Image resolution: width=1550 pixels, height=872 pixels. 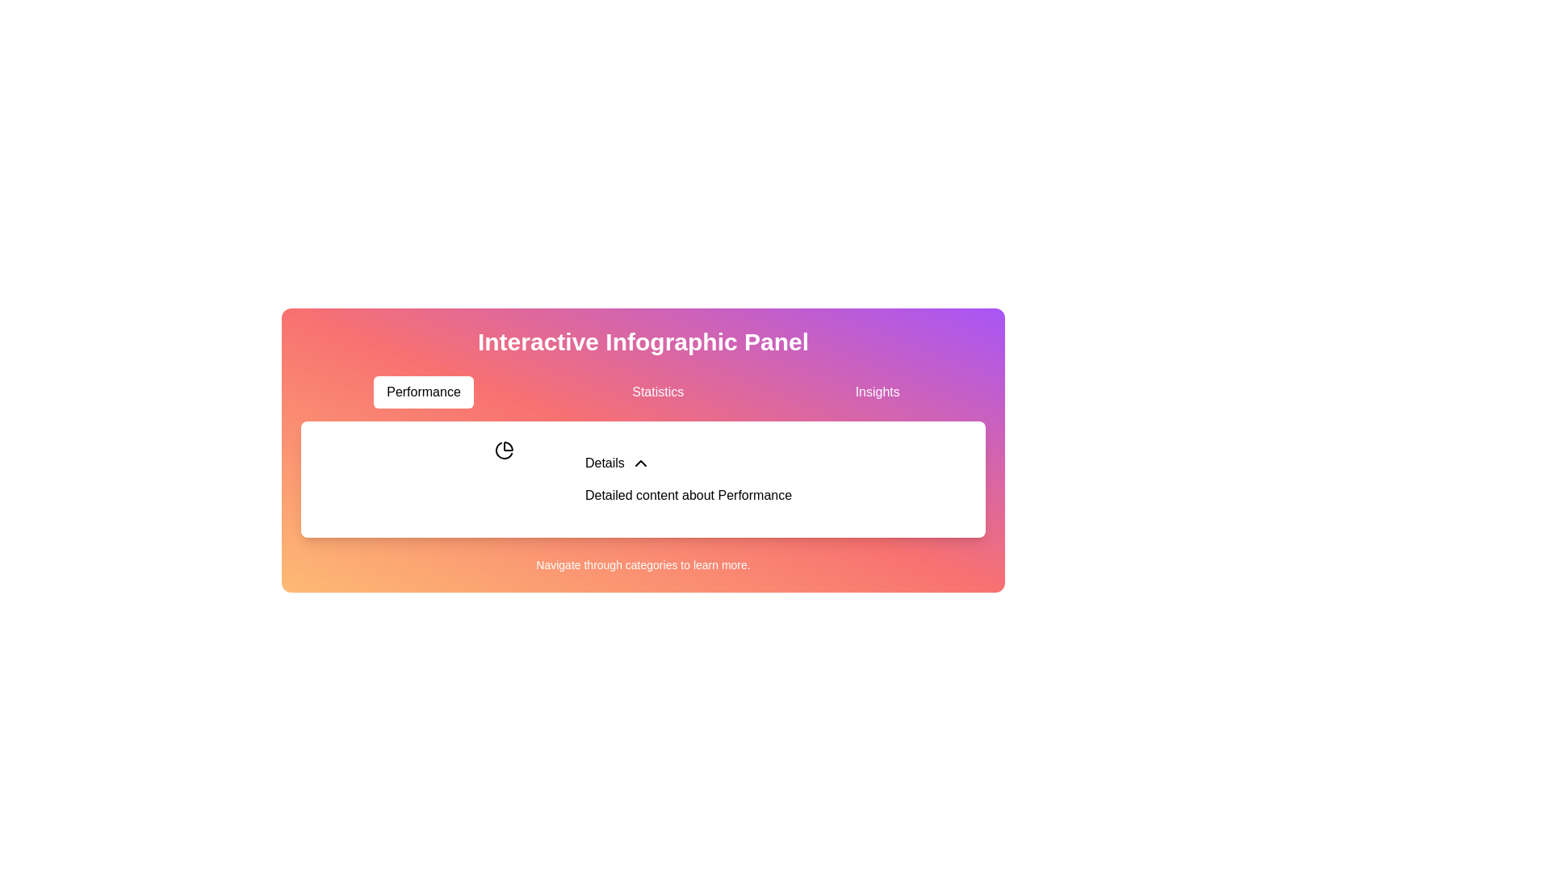 What do you see at coordinates (604, 463) in the screenshot?
I see `the 'Details' text label, which is black in color and located towards the right side of the interface, adjacent to an upward-pointing chevron symbol` at bounding box center [604, 463].